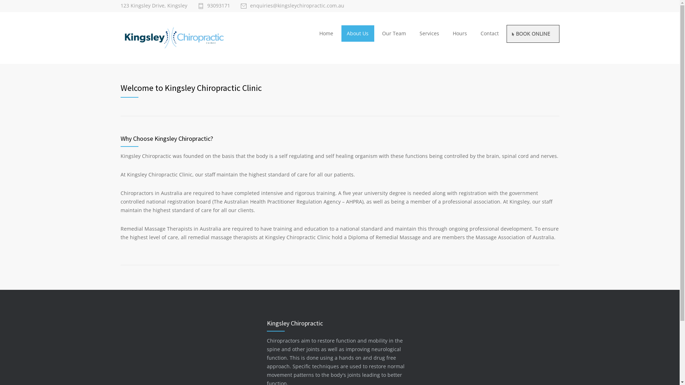  What do you see at coordinates (213, 6) in the screenshot?
I see `'93093171'` at bounding box center [213, 6].